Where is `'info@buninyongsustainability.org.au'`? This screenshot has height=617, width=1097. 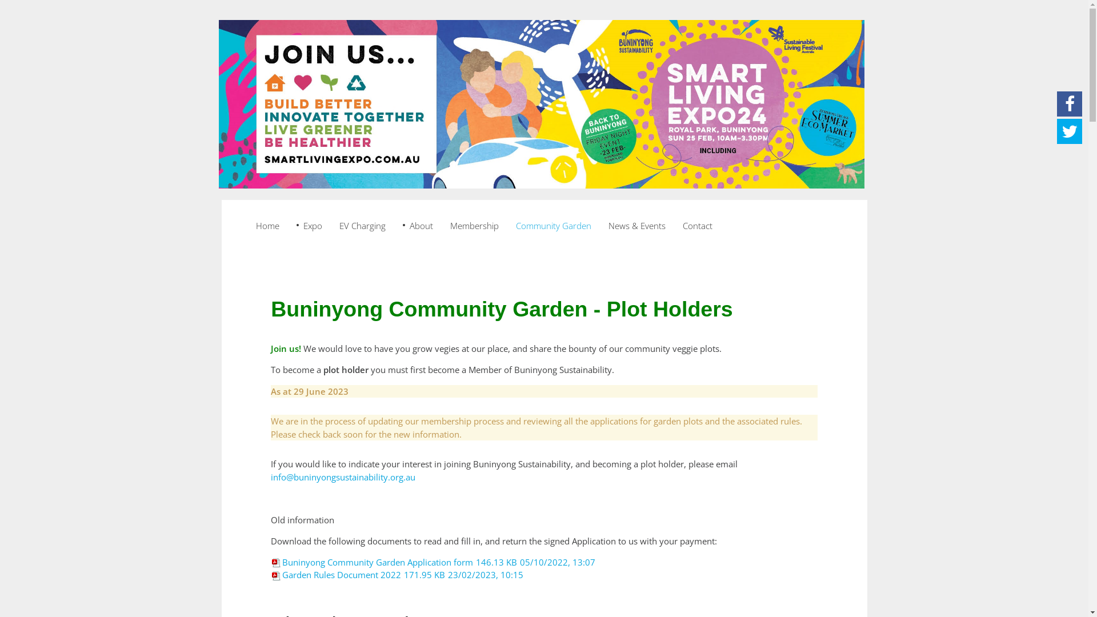 'info@buninyongsustainability.org.au' is located at coordinates (342, 476).